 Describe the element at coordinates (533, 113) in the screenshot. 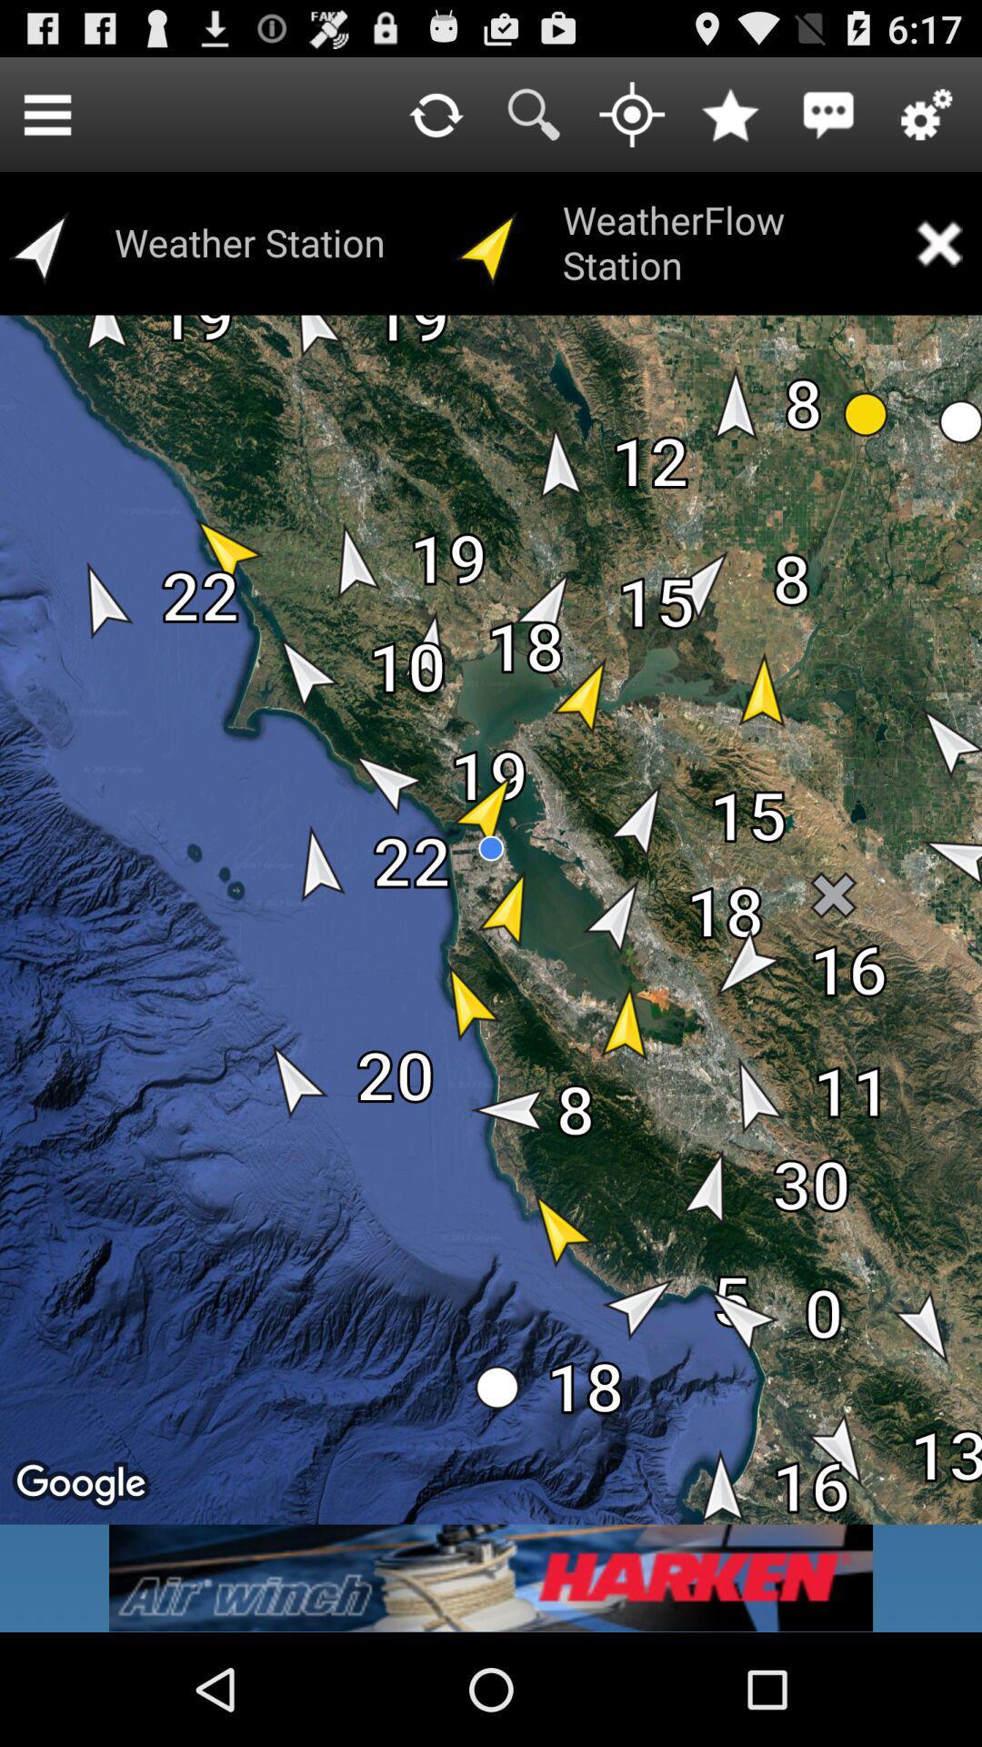

I see `open search bar` at that location.